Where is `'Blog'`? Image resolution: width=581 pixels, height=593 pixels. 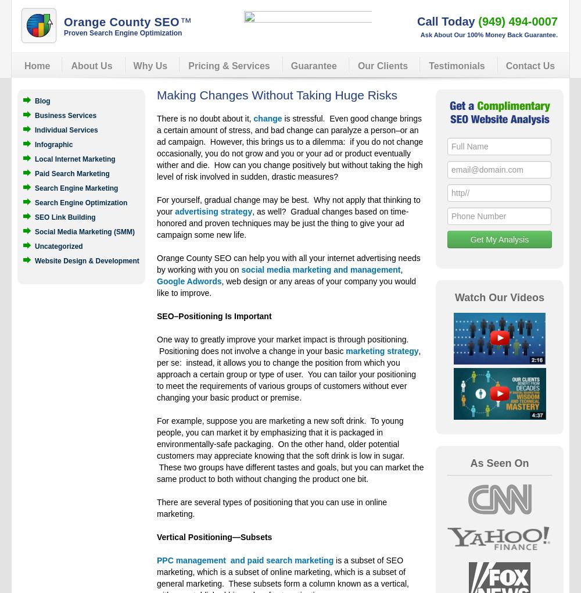
'Blog' is located at coordinates (42, 101).